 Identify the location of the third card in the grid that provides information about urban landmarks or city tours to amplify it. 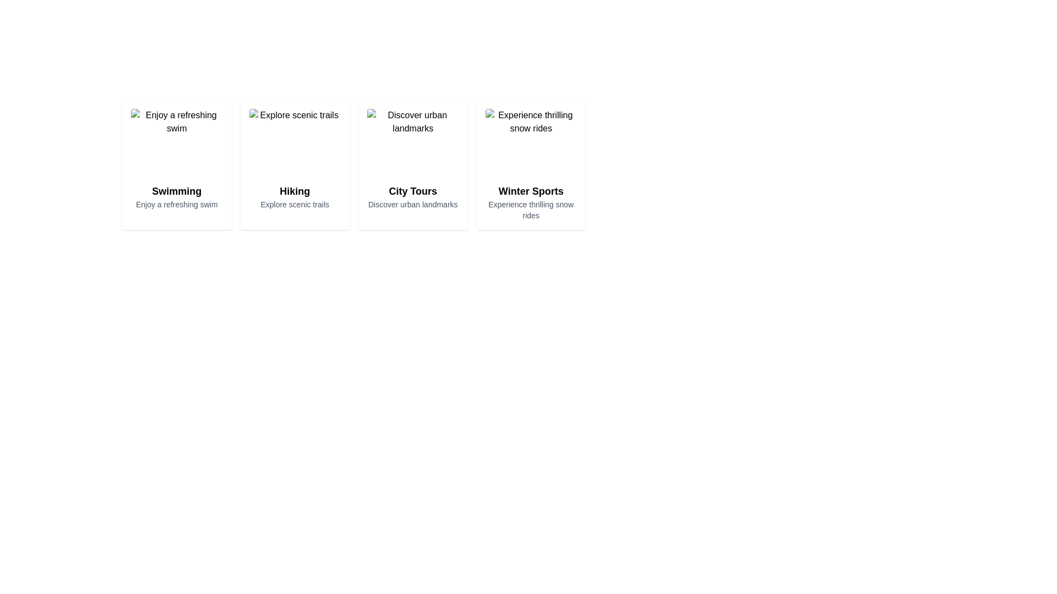
(412, 165).